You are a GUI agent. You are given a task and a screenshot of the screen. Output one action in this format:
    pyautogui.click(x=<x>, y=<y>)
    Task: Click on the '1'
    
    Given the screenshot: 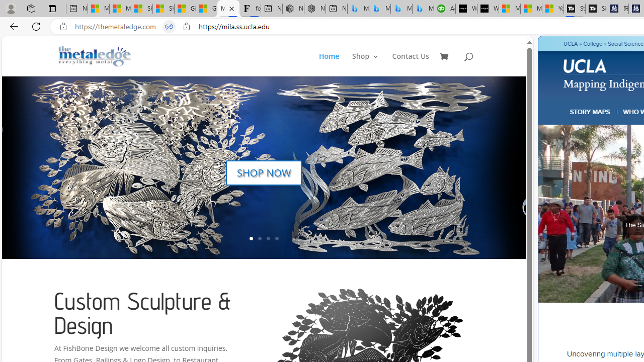 What is the action you would take?
    pyautogui.click(x=251, y=238)
    